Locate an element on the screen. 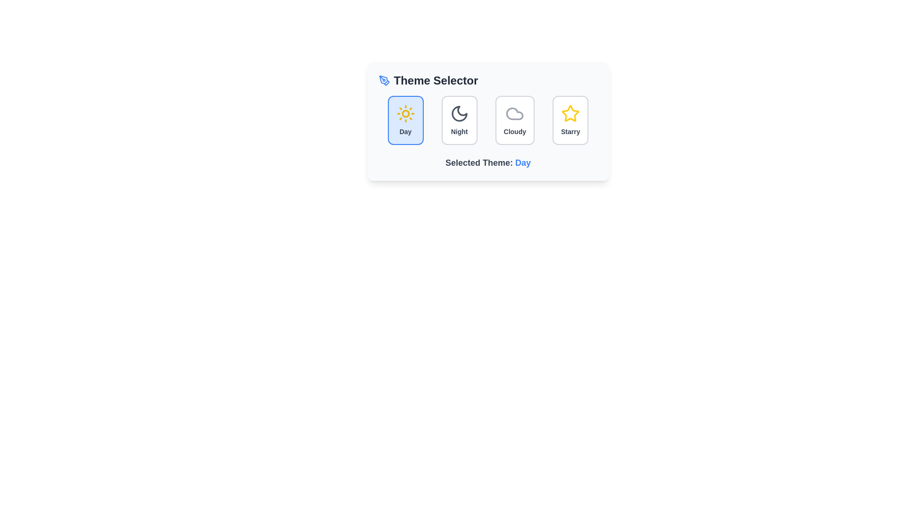  the 'Night' button that contains the dark gray crescent moon icon, which is positioned between the 'Day' and 'Cloudy' buttons in the theme selector interface is located at coordinates (459, 113).